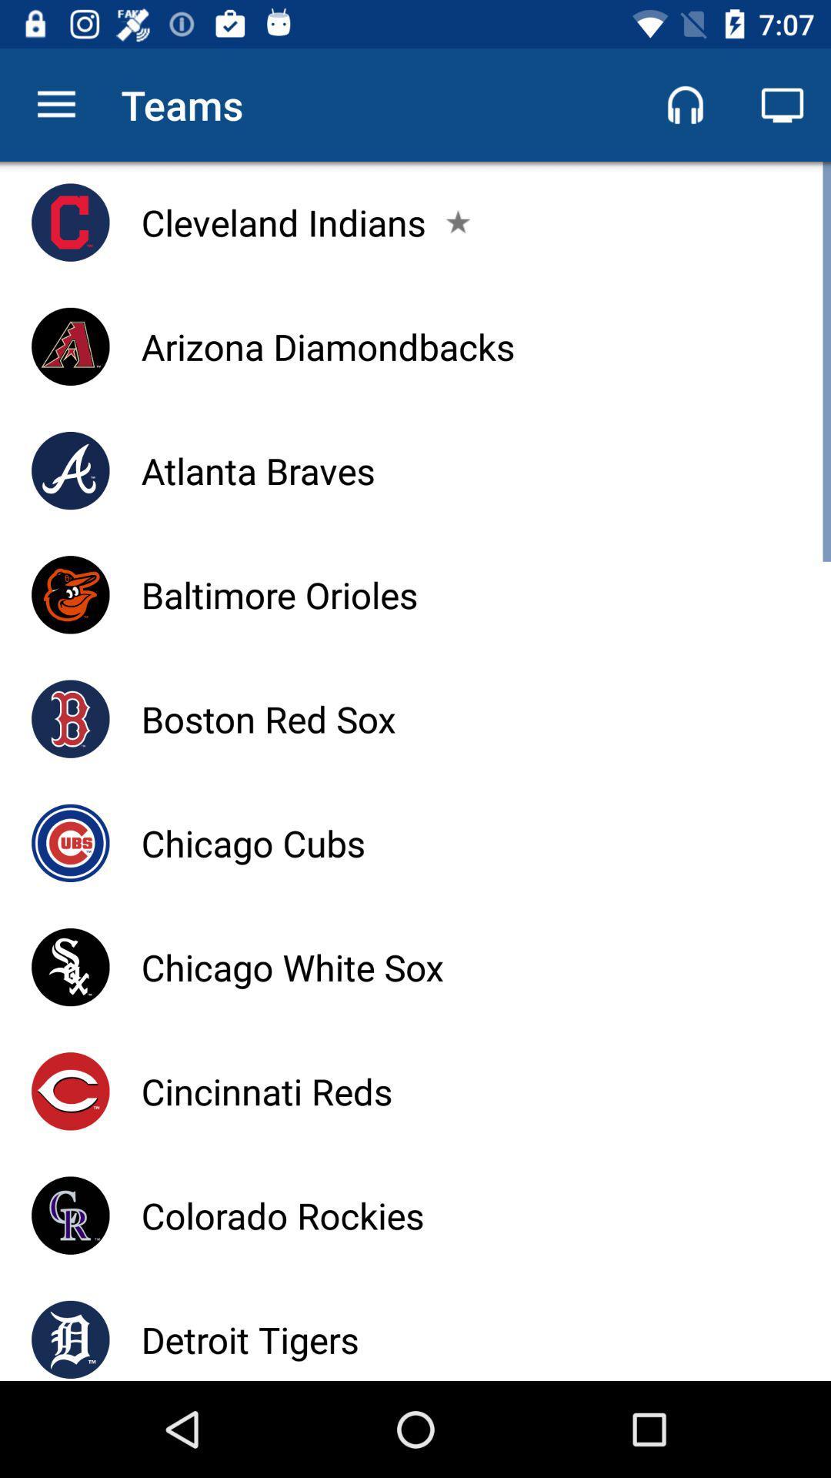  Describe the element at coordinates (252, 842) in the screenshot. I see `the icon below boston red sox item` at that location.